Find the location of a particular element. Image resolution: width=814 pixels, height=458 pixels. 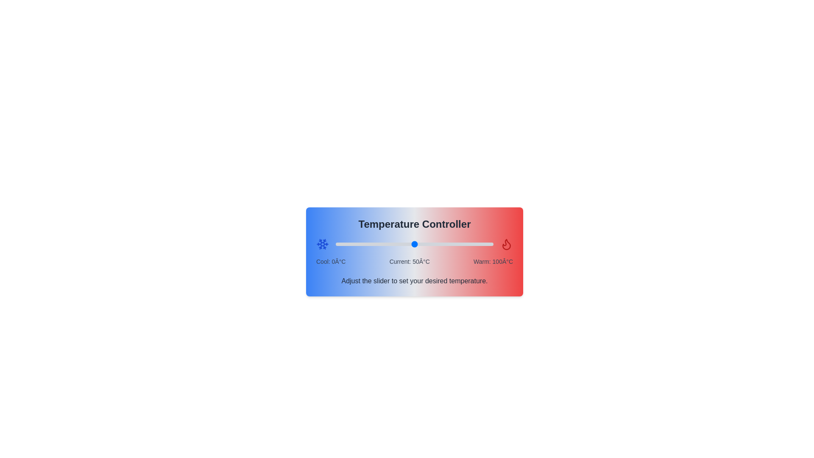

the temperature to 0°C by adjusting the slider is located at coordinates (335, 244).